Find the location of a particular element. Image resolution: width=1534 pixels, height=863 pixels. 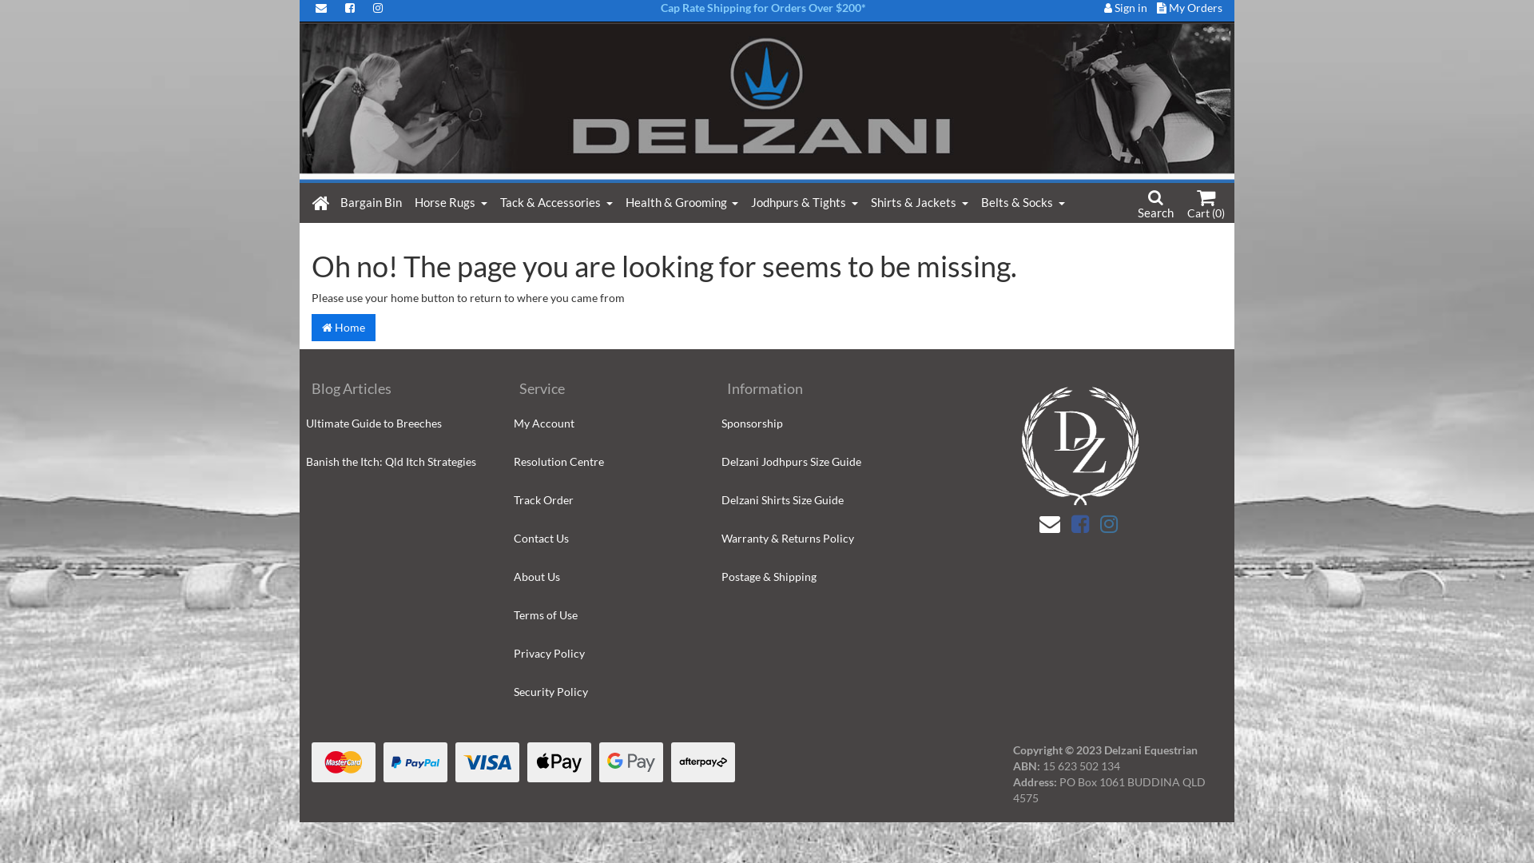

'Contact Us' is located at coordinates (604, 539).